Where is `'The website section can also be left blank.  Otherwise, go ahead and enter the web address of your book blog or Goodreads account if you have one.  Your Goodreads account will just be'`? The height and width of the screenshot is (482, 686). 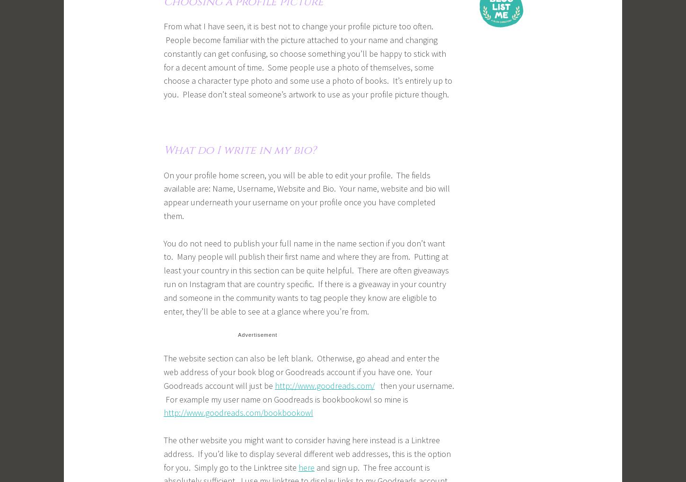
'The website section can also be left blank.  Otherwise, go ahead and enter the web address of your book blog or Goodreads account if you have one.  Your Goodreads account will just be' is located at coordinates (163, 371).